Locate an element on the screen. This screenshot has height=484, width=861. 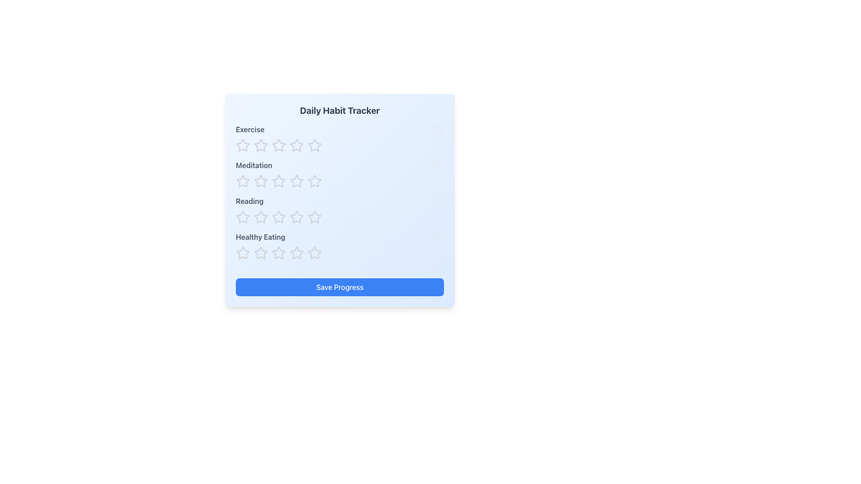
the sixth star rating icon for 'Reading' in the Daily Habit Tracker interface to rate it is located at coordinates (297, 217).